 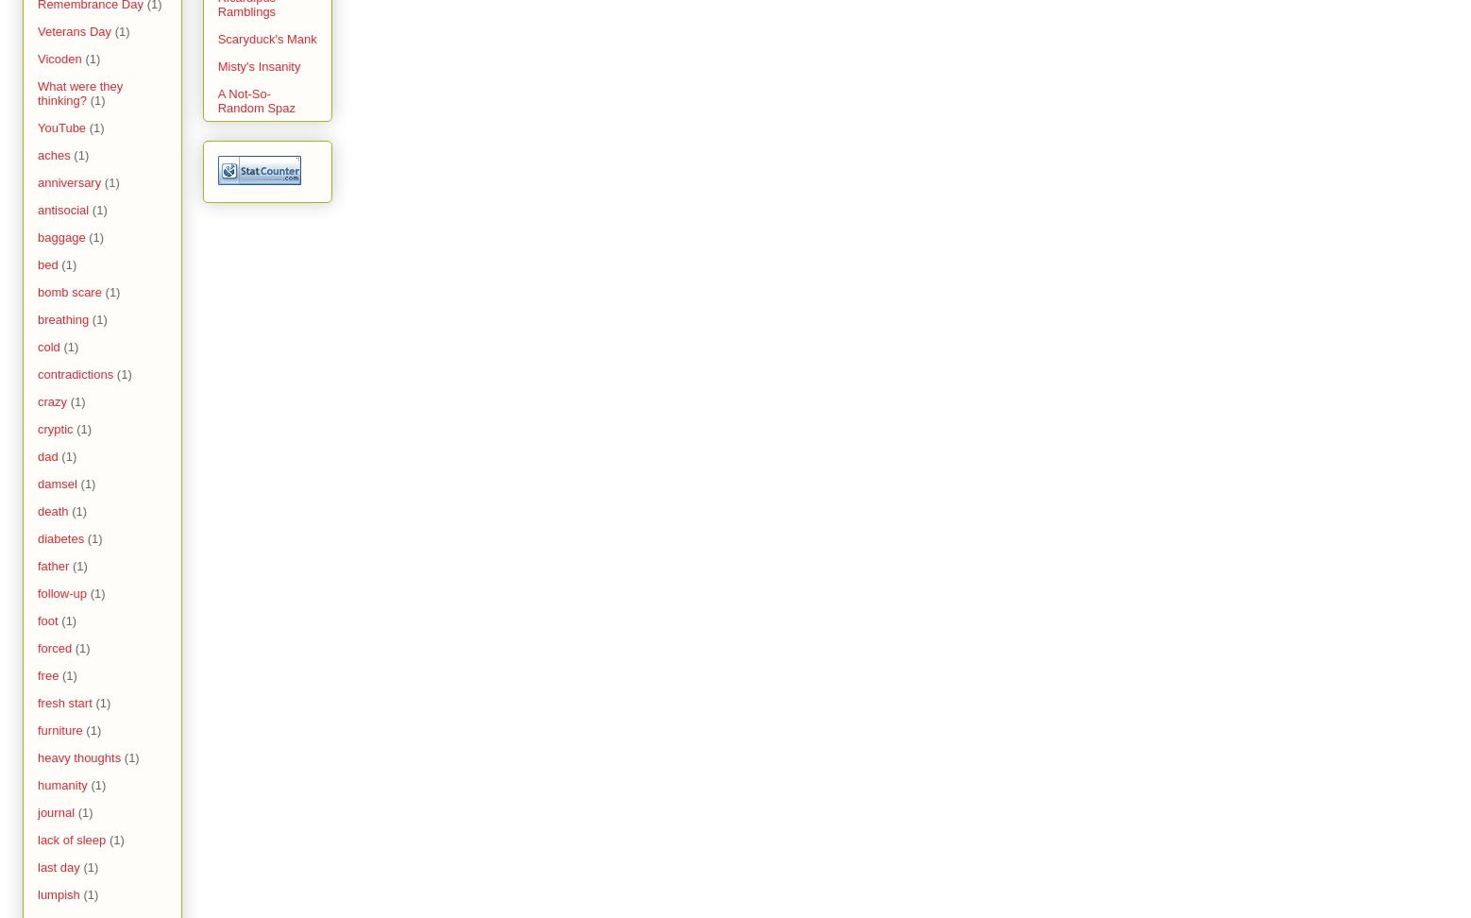 What do you see at coordinates (47, 455) in the screenshot?
I see `'dad'` at bounding box center [47, 455].